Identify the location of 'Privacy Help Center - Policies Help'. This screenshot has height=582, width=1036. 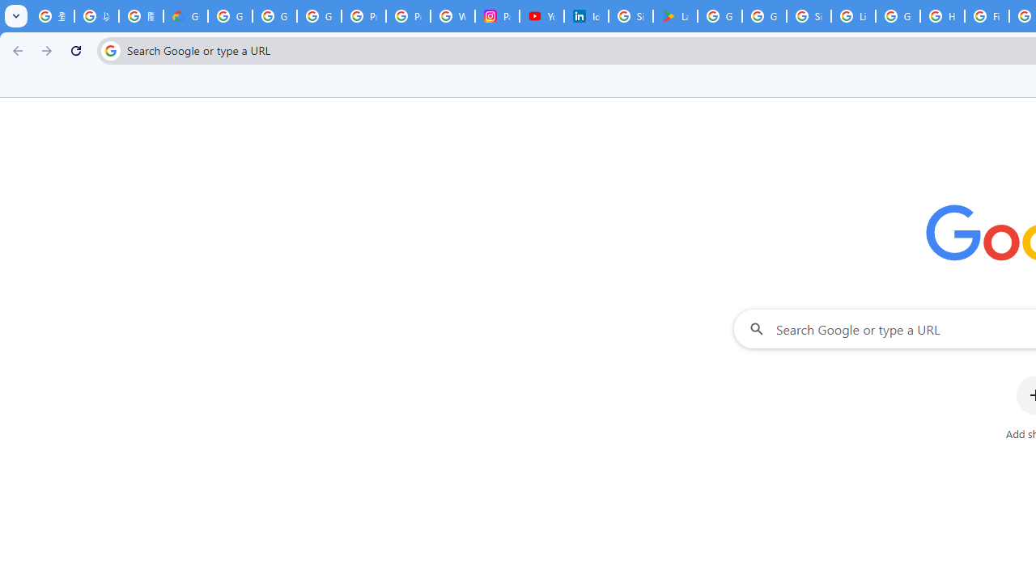
(408, 16).